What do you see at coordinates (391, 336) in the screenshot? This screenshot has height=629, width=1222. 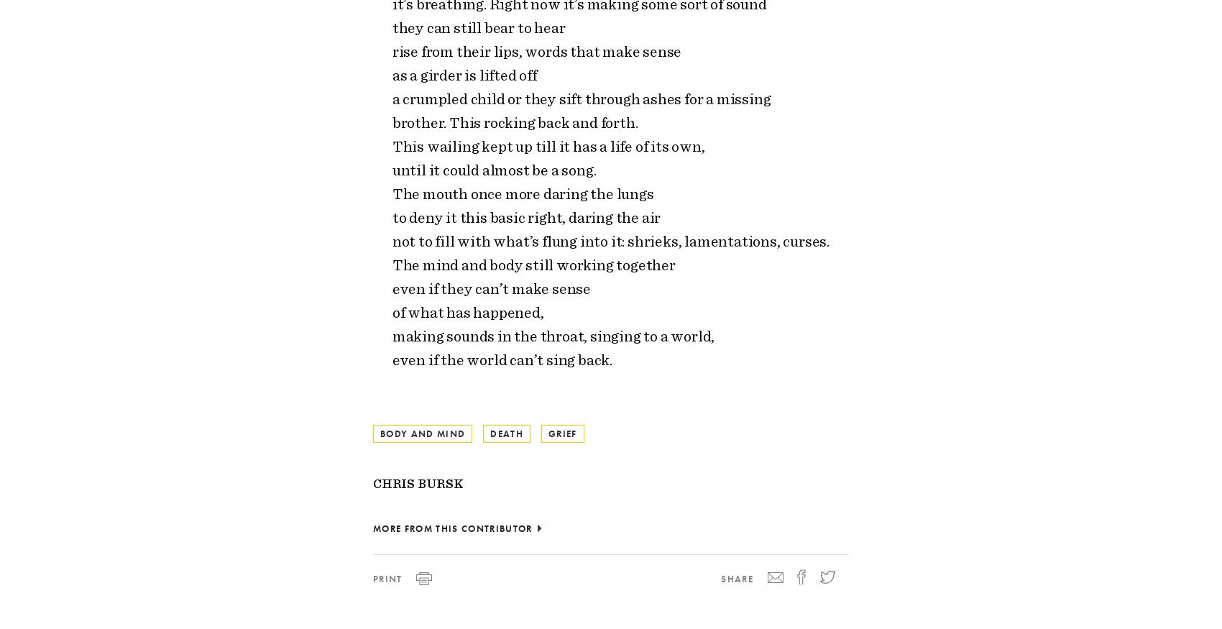 I see `'making sounds in the throat, singing to a world,'` at bounding box center [391, 336].